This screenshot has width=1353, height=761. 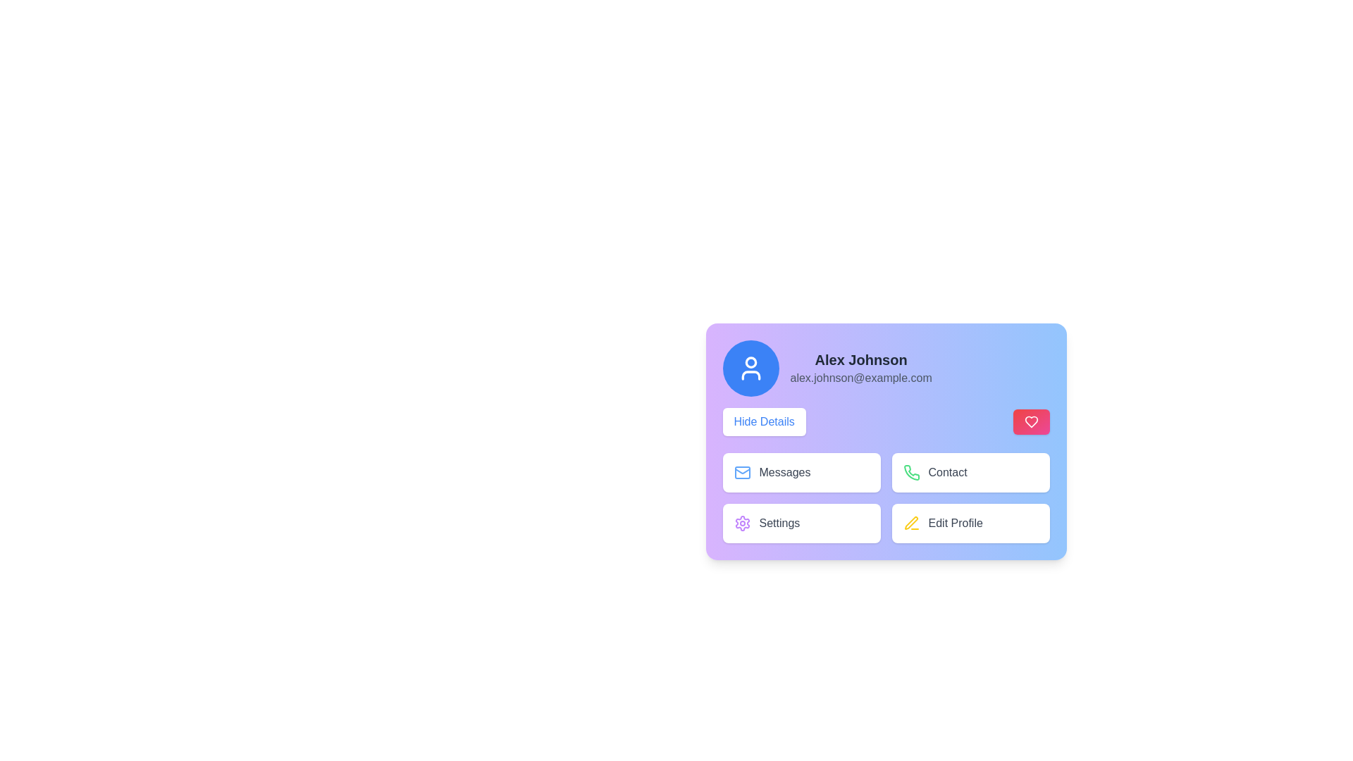 I want to click on the edit icon located within the 'Edit Profile' button on the bottom-right side of the card interface, so click(x=910, y=523).